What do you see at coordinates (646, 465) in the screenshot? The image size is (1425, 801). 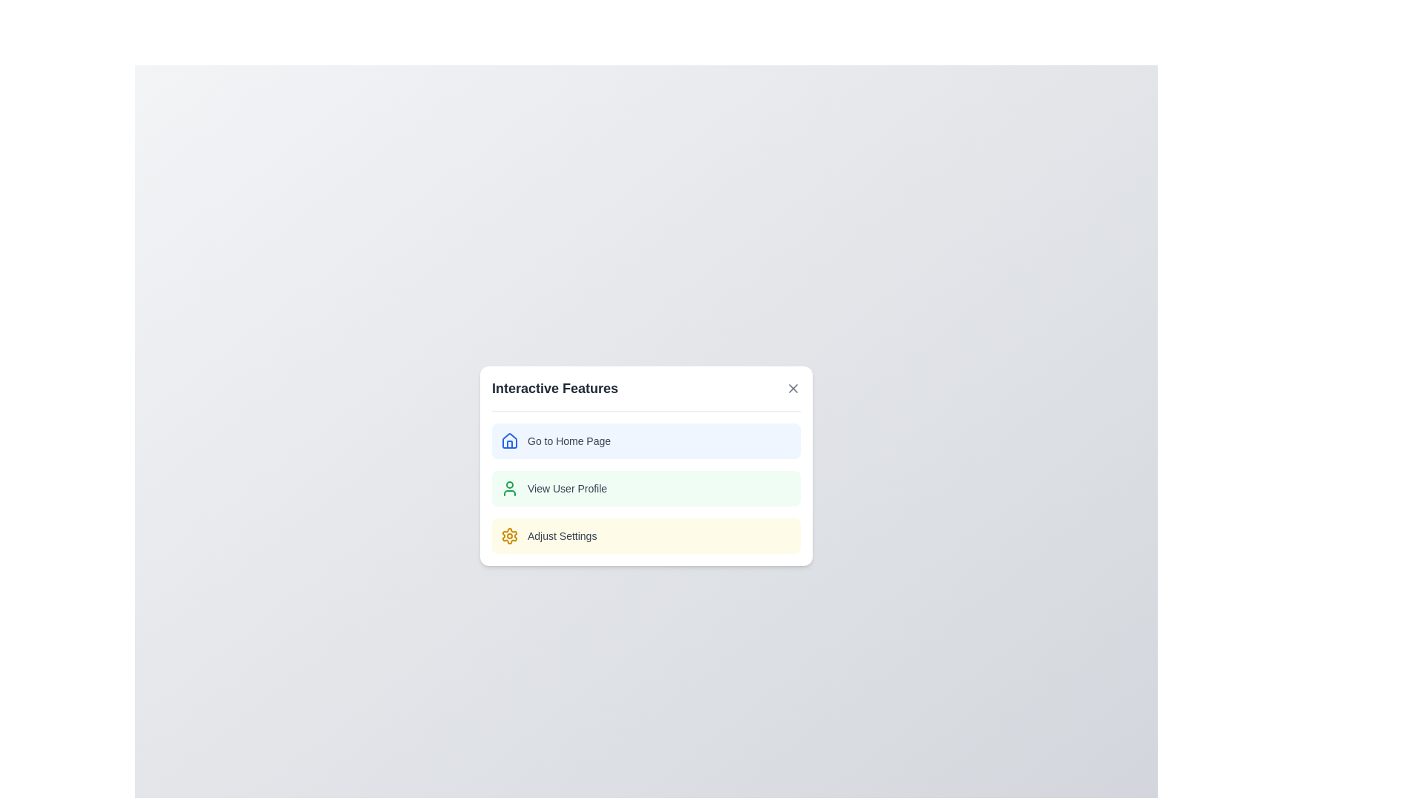 I see `the Modal with navigation options` at bounding box center [646, 465].